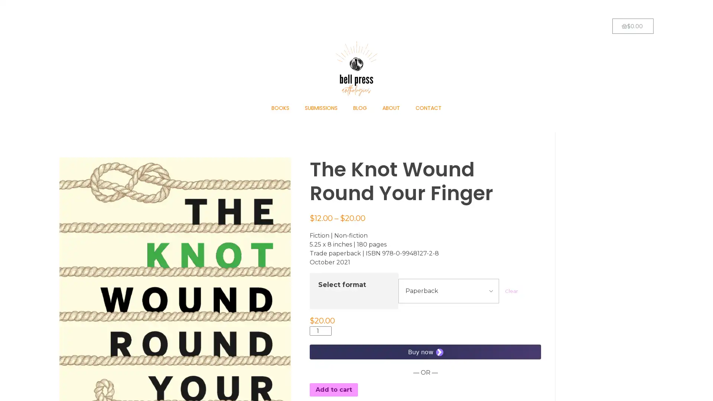 The image size is (713, 401). I want to click on Add to cart, so click(333, 389).